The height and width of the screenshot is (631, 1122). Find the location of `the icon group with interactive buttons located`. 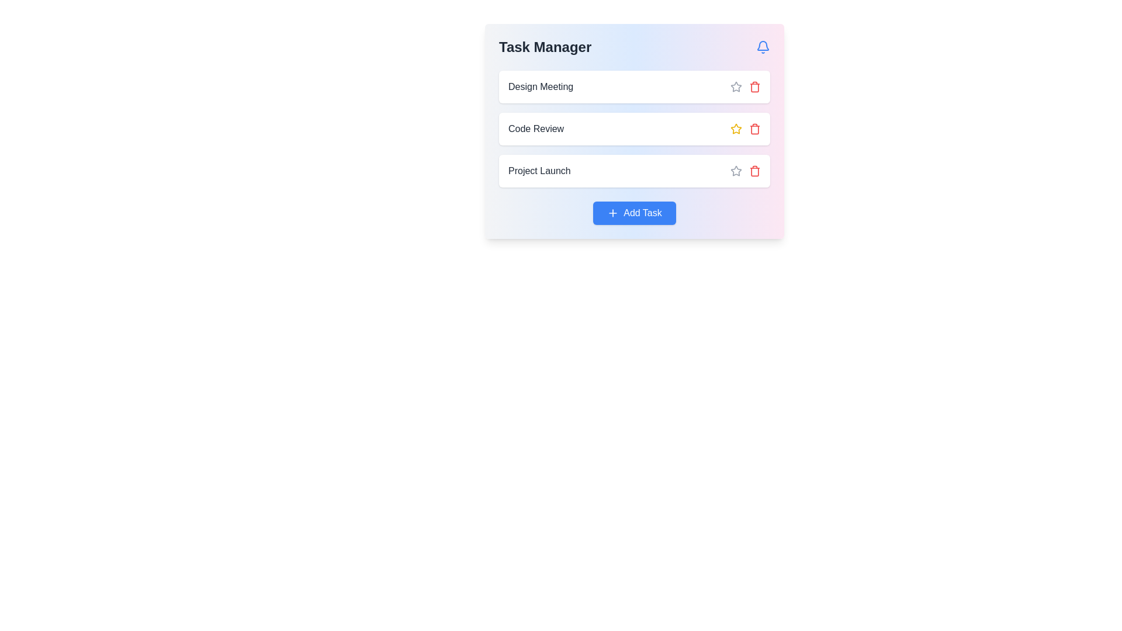

the icon group with interactive buttons located is located at coordinates (745, 129).